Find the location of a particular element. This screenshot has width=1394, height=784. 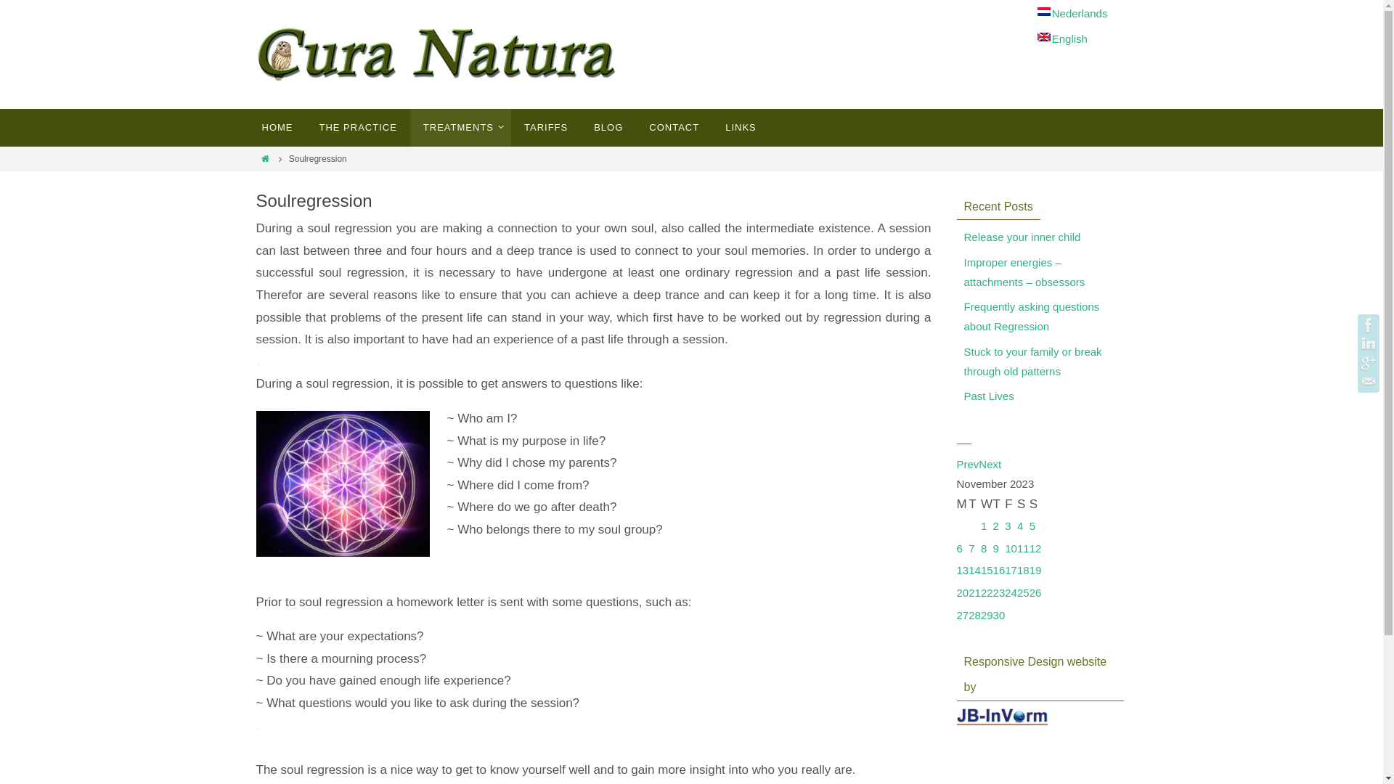

'15' is located at coordinates (980, 570).